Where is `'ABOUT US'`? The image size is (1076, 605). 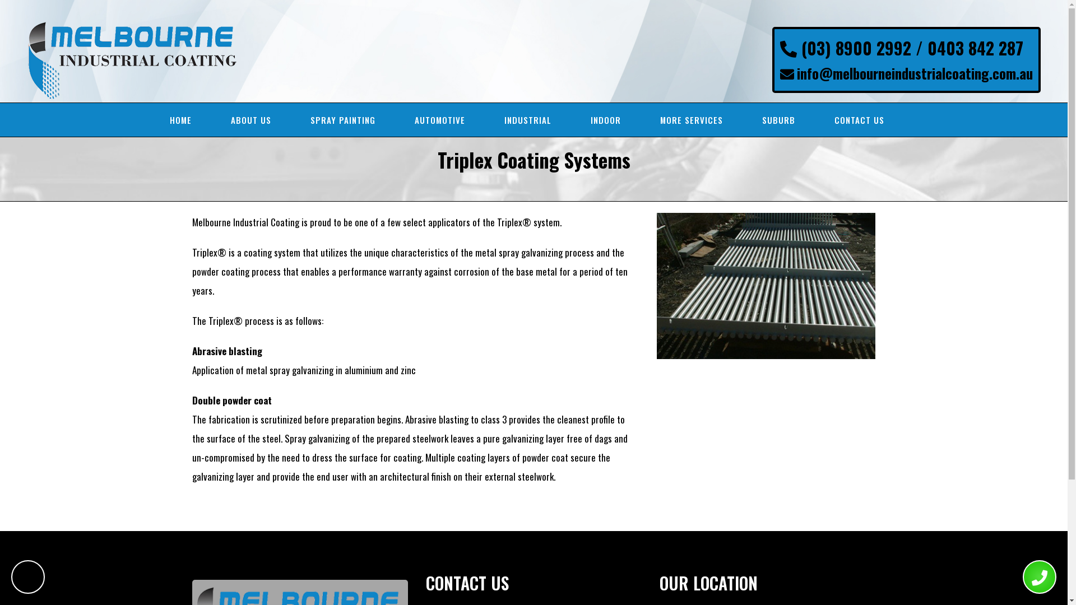 'ABOUT US' is located at coordinates (217, 119).